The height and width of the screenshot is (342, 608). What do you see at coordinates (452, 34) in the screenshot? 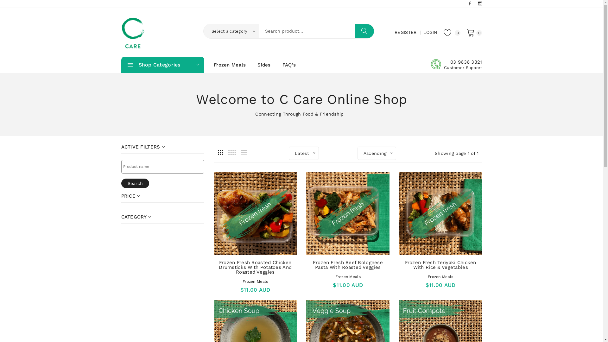
I see `'0'` at bounding box center [452, 34].